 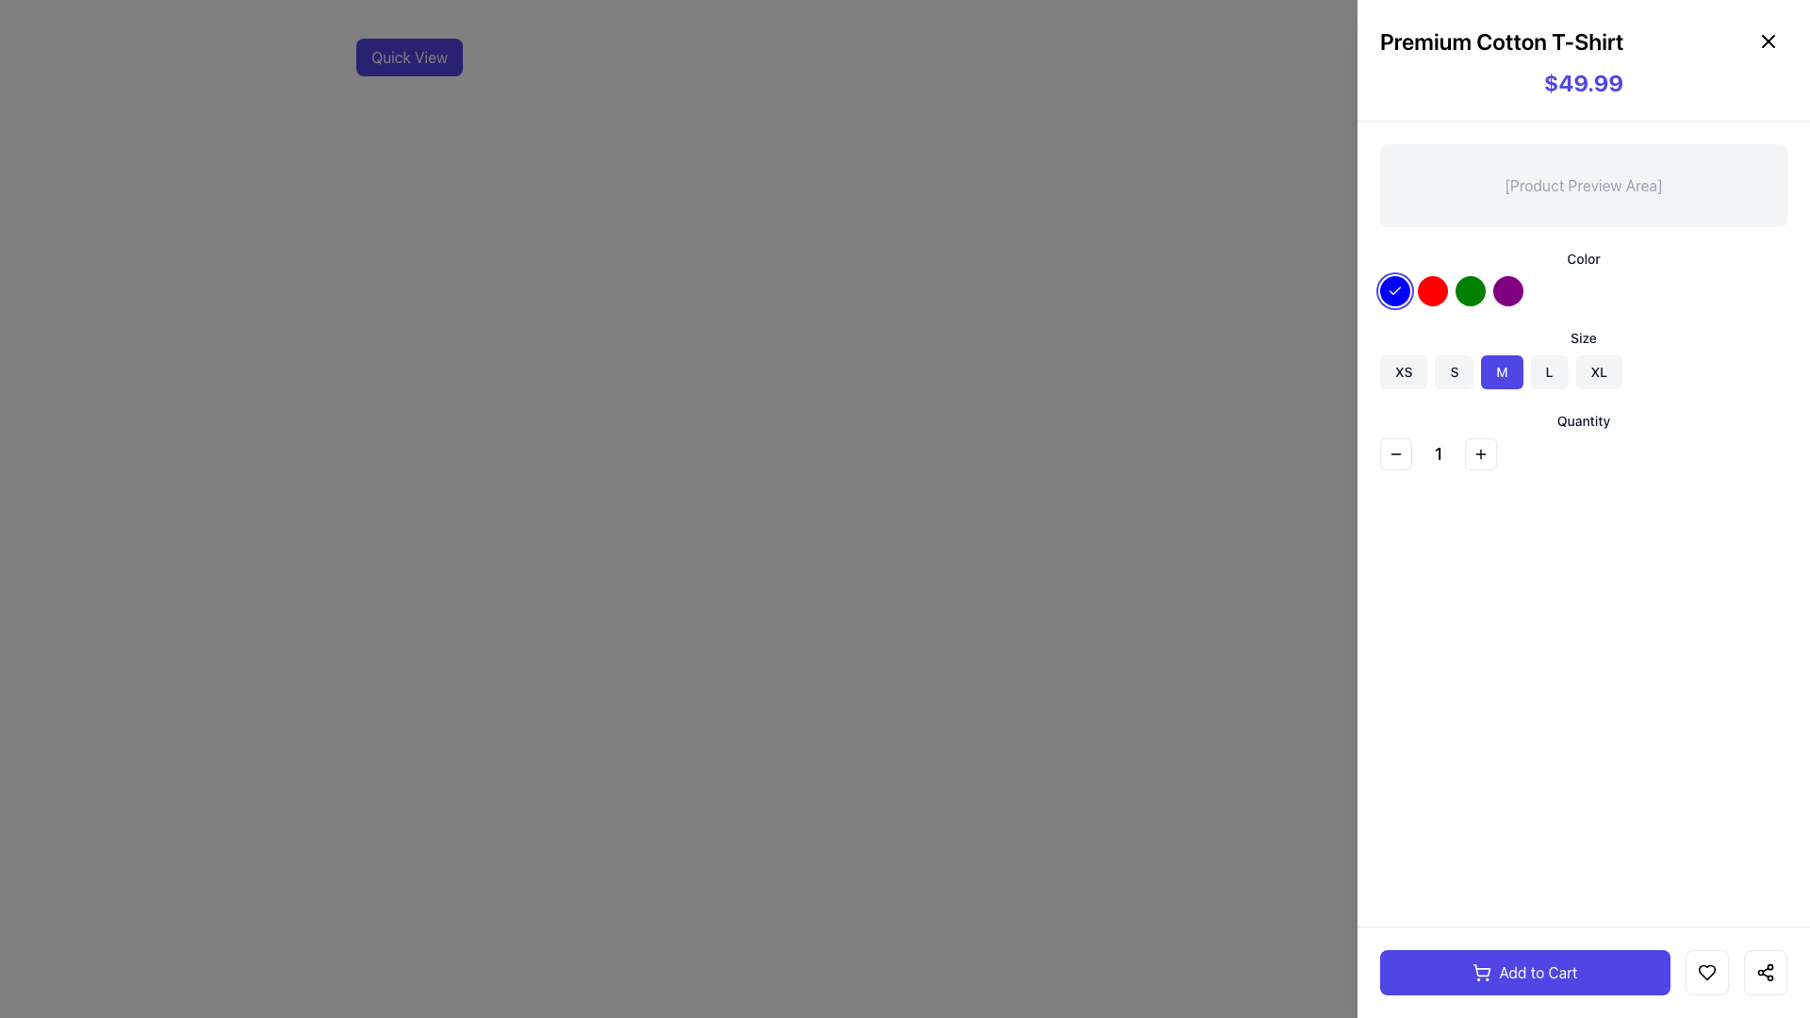 What do you see at coordinates (1764, 973) in the screenshot?
I see `the 'Share' icon, which is a monochrome outline icon consisting of three circular nodes connected by two lines, located in the bottom-right corner of the interface` at bounding box center [1764, 973].